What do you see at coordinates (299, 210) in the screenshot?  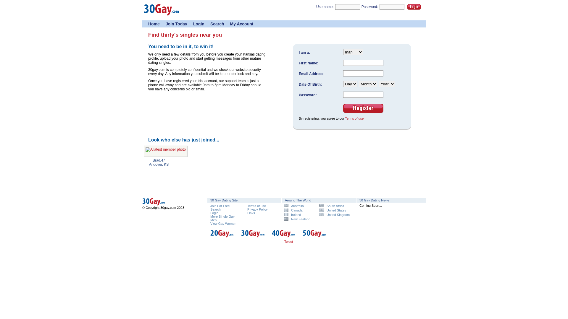 I see `'Canada'` at bounding box center [299, 210].